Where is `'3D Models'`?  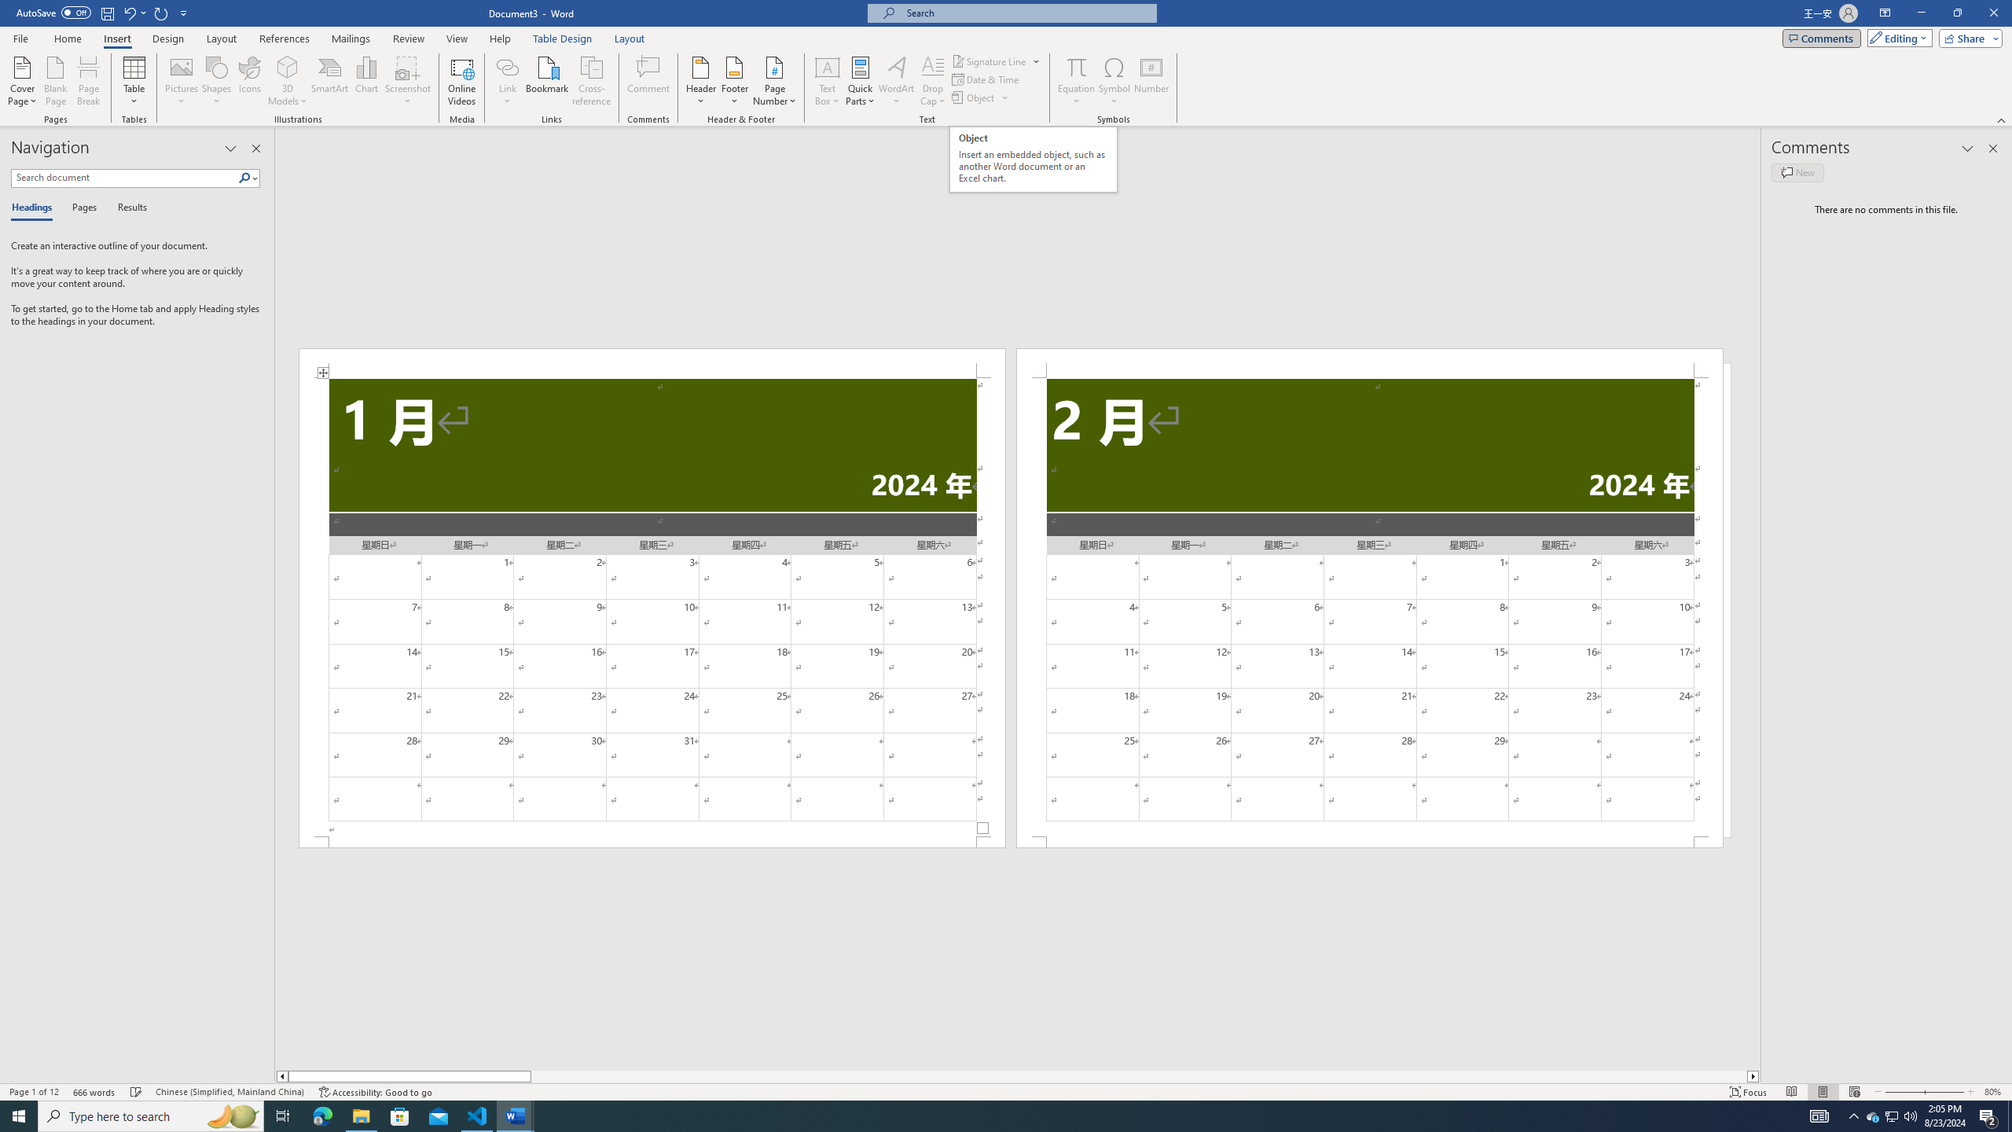 '3D Models' is located at coordinates (288, 81).